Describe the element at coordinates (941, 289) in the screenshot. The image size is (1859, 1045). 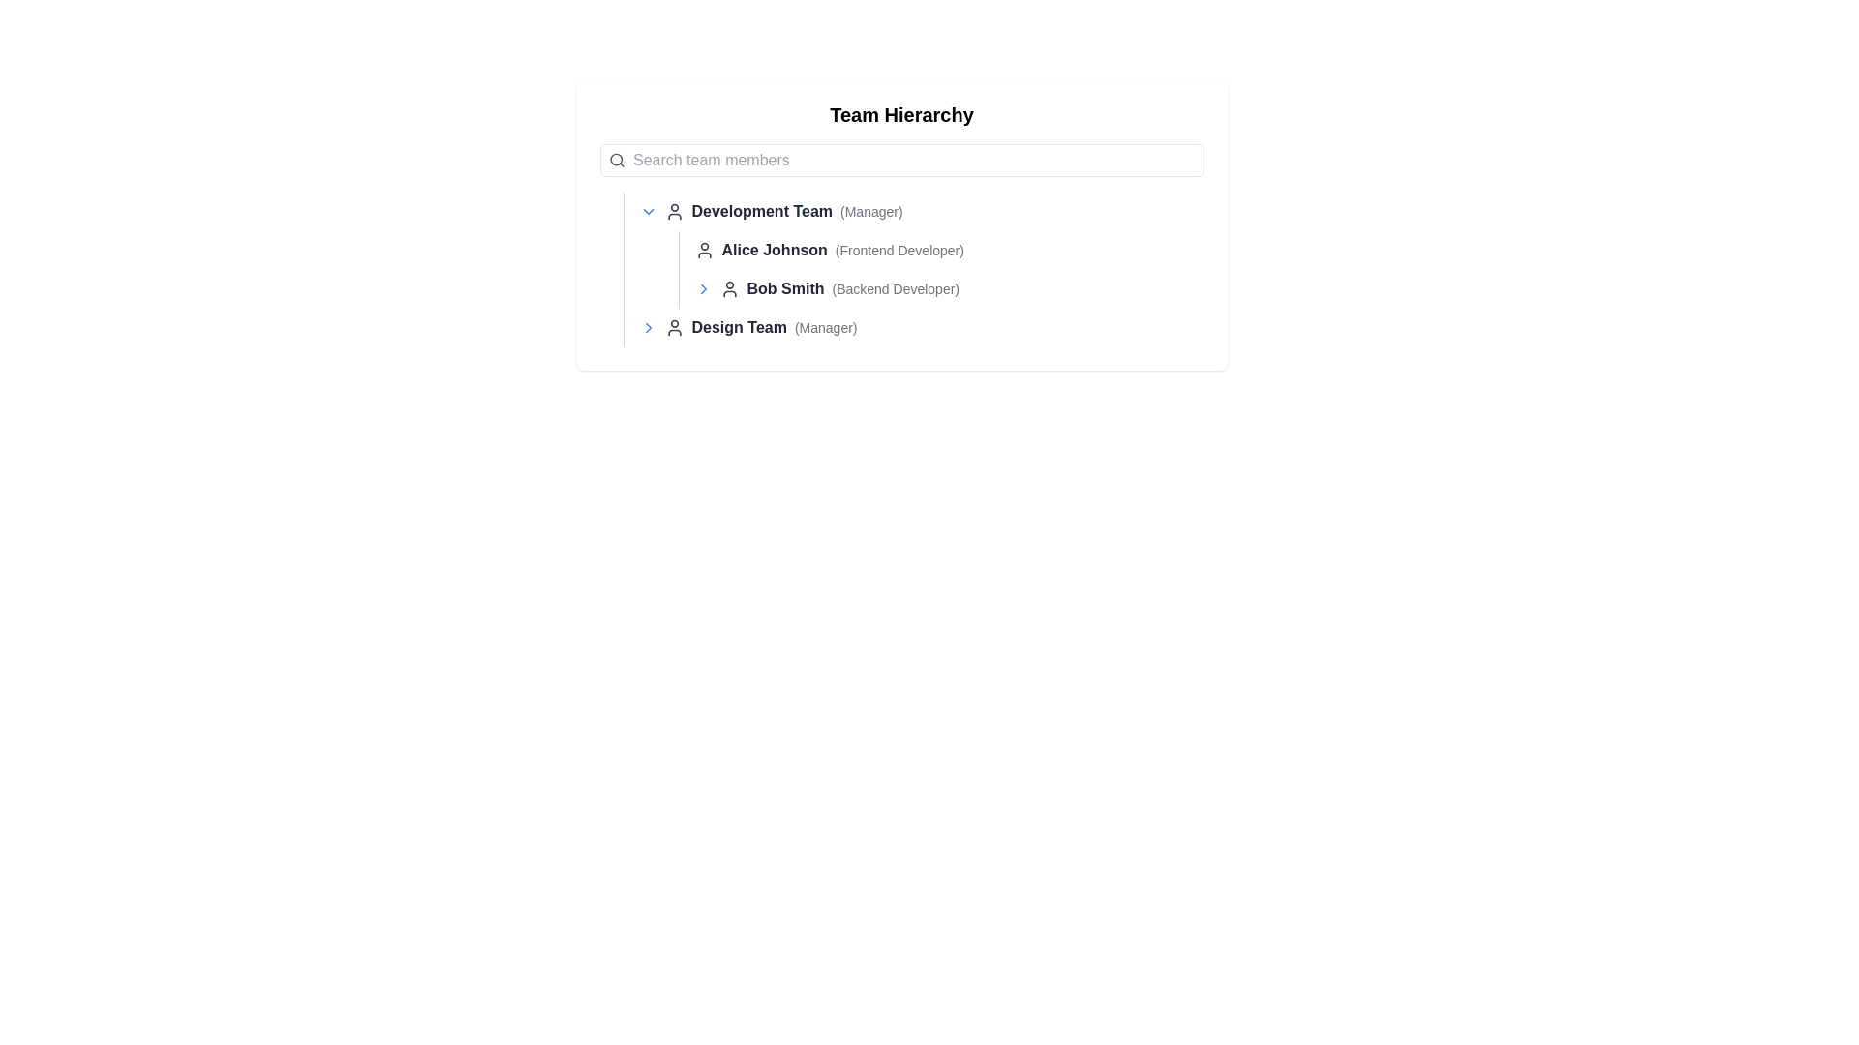
I see `the second list item under the 'Development Team' section which displays 'Bob Smith (Backend Developer)'` at that location.